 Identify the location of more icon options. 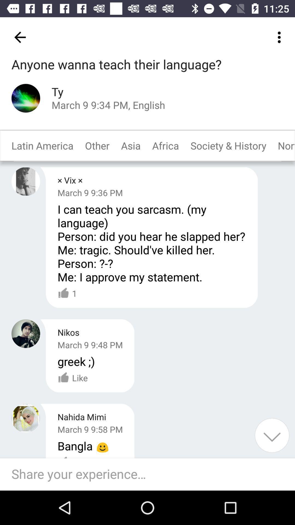
(281, 37).